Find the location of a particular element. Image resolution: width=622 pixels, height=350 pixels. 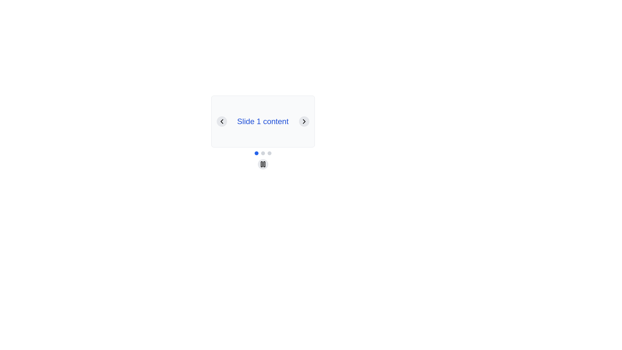

the left navigation button icon in the carousel is located at coordinates (222, 121).